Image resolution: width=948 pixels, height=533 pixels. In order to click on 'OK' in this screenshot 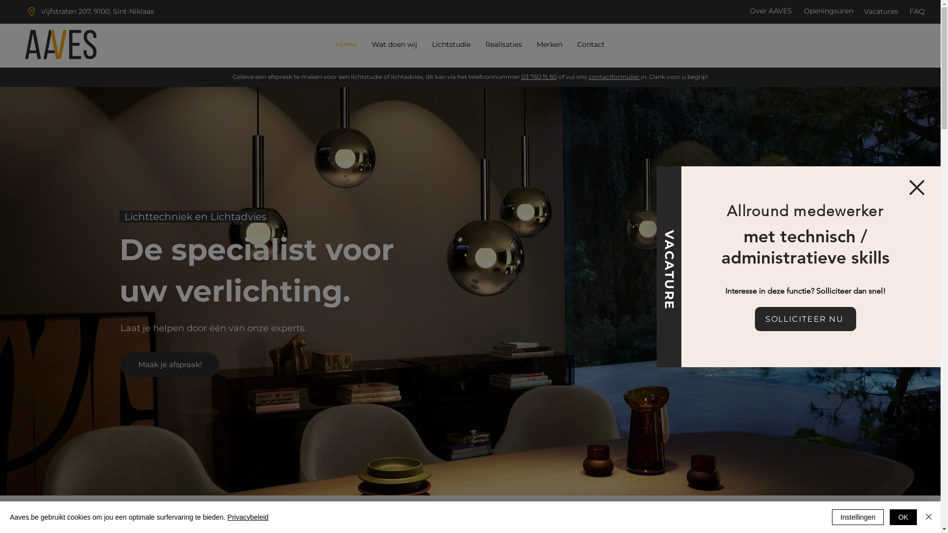, I will do `click(903, 517)`.